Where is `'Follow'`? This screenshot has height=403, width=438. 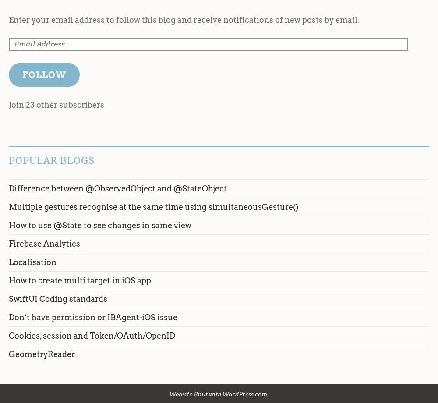 'Follow' is located at coordinates (43, 74).